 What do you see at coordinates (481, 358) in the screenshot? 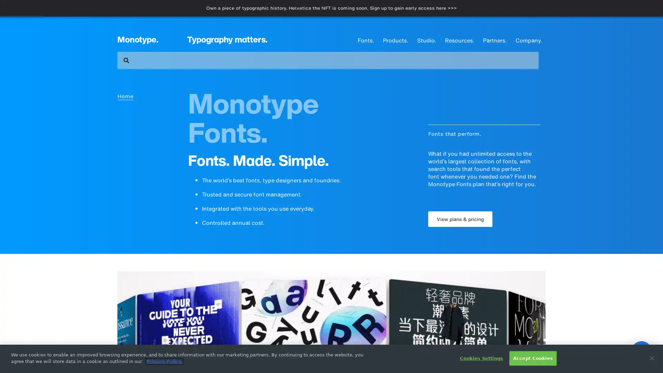
I see `Cookies Settings` at bounding box center [481, 358].